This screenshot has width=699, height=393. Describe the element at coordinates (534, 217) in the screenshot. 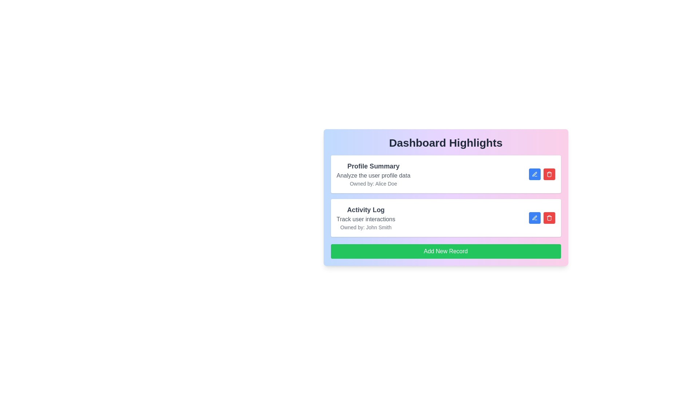

I see `the pen icon in the 'Activity Log' panel` at that location.